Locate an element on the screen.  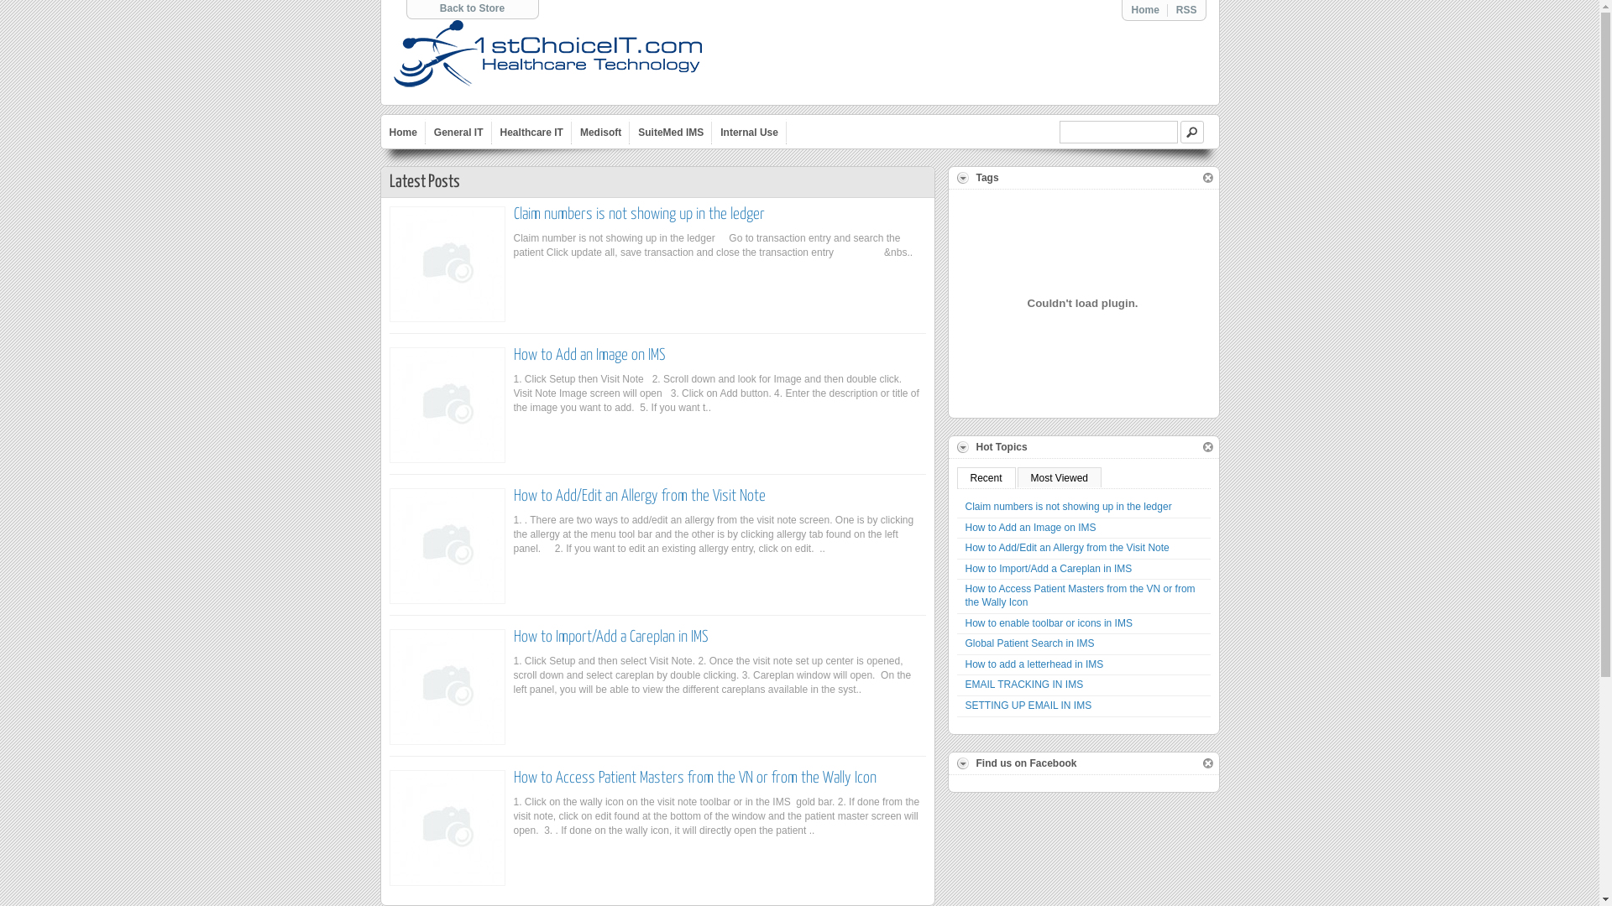
'How to enable toolbar or icons in IMS' is located at coordinates (957, 624).